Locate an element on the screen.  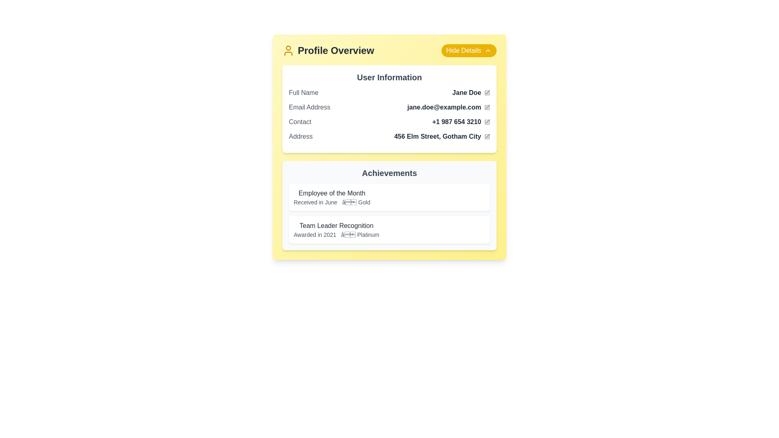
the 'Employee of the Month' text label, which is styled with medium font weight and gray color, positioned at the beginning of the first item in the 'Achievements' section is located at coordinates (332, 193).